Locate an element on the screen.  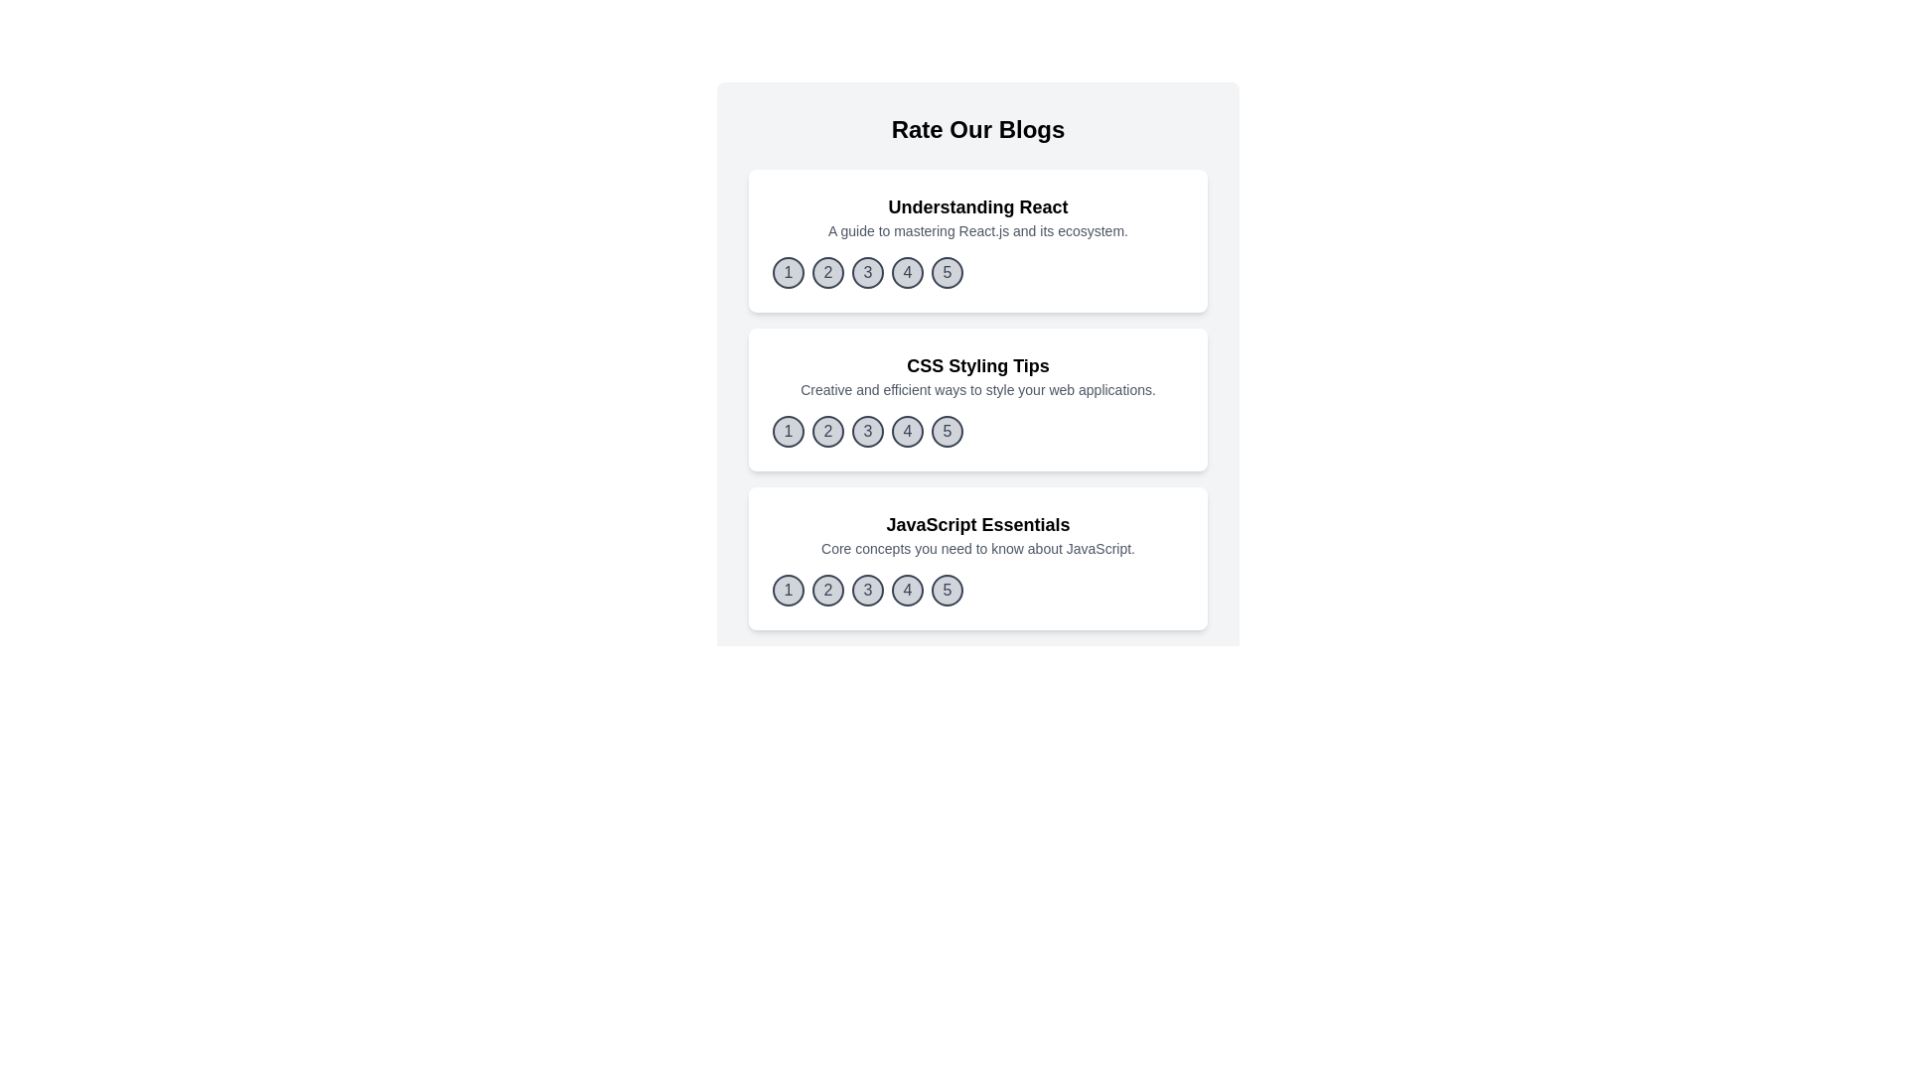
the rating button corresponding to 1 for the blog titled 'JavaScript Essentials' is located at coordinates (787, 589).